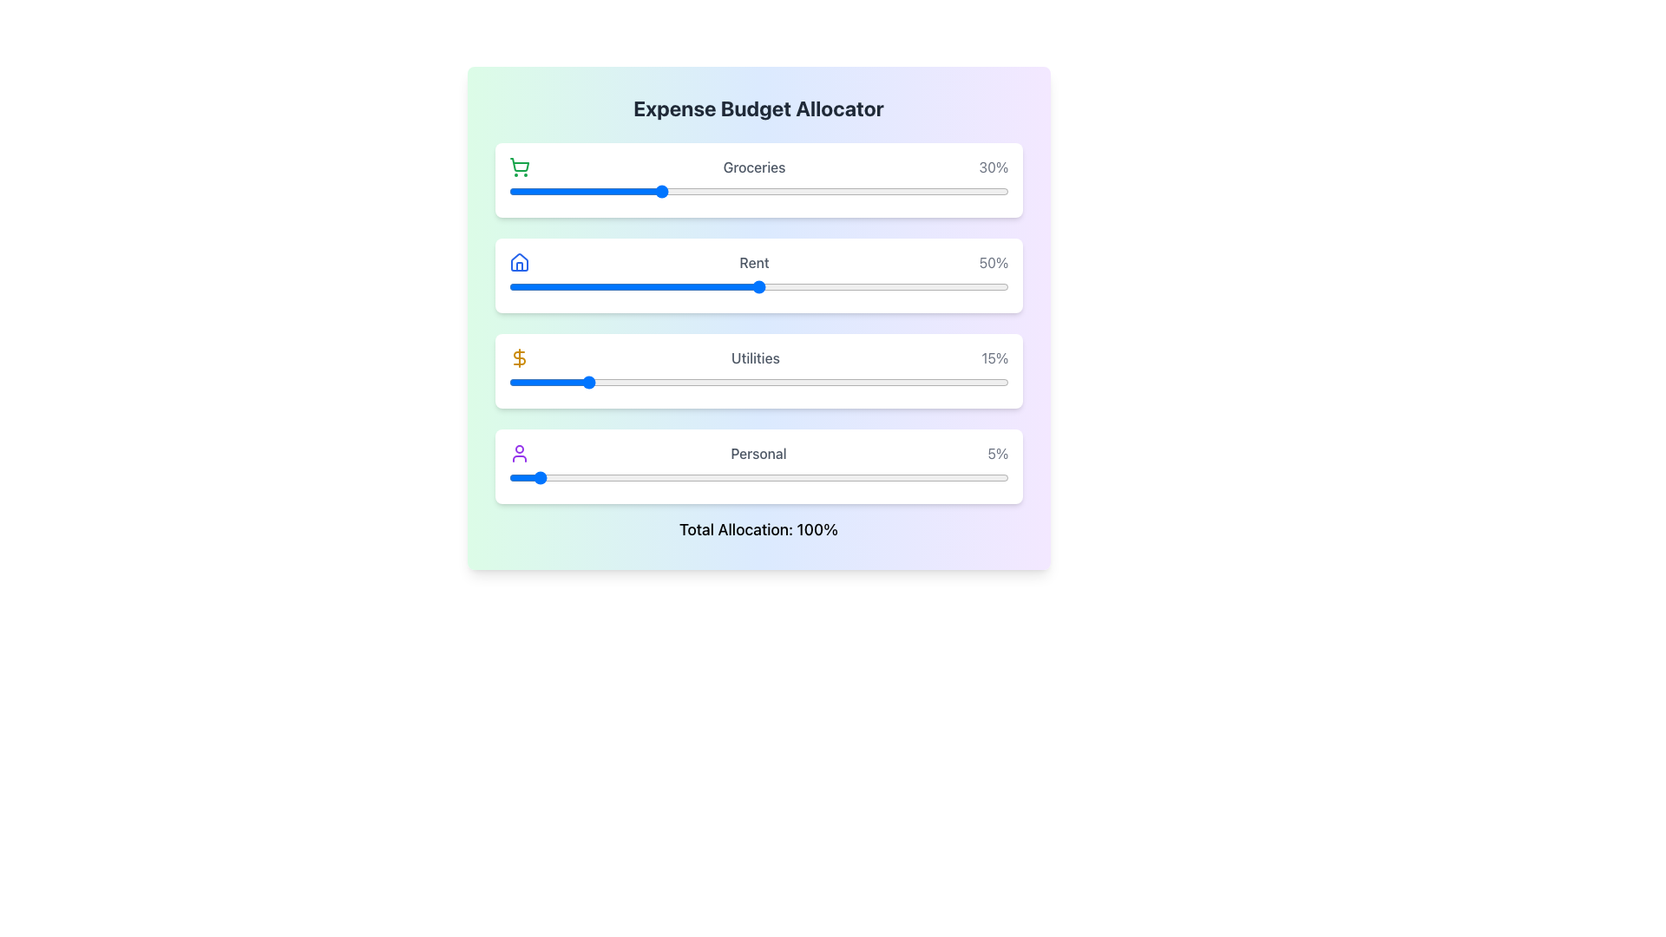 This screenshot has width=1666, height=937. I want to click on the rent allocation, so click(604, 286).